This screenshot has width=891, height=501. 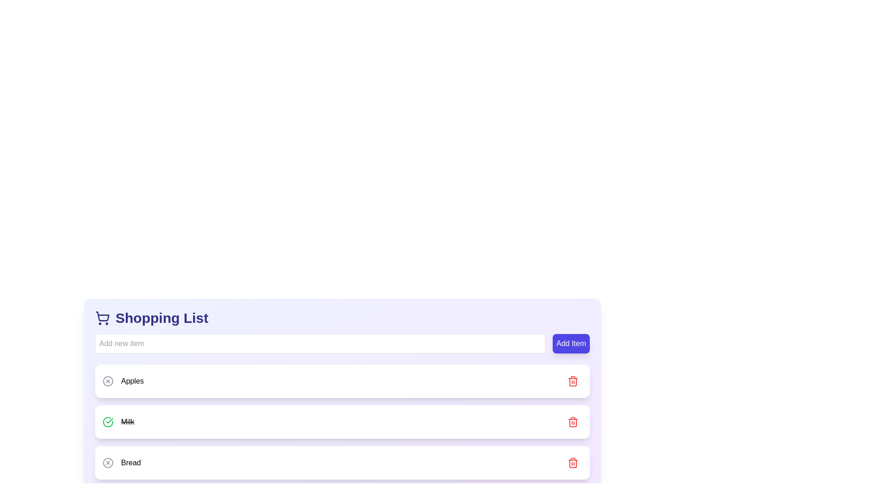 What do you see at coordinates (572, 422) in the screenshot?
I see `the red trash can icon button located on the far right side of the 'Milk' item in the shopping list` at bounding box center [572, 422].